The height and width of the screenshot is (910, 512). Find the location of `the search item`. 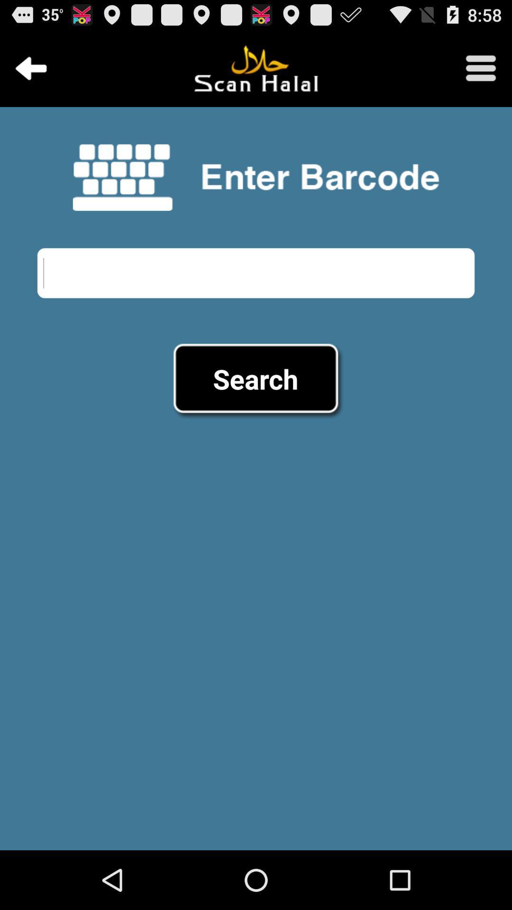

the search item is located at coordinates (255, 378).